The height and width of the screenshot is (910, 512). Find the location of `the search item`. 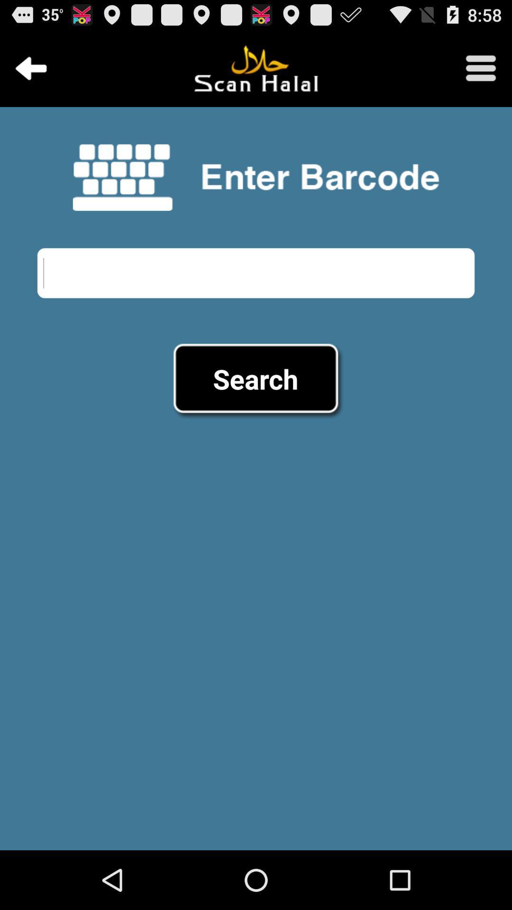

the search item is located at coordinates (255, 378).